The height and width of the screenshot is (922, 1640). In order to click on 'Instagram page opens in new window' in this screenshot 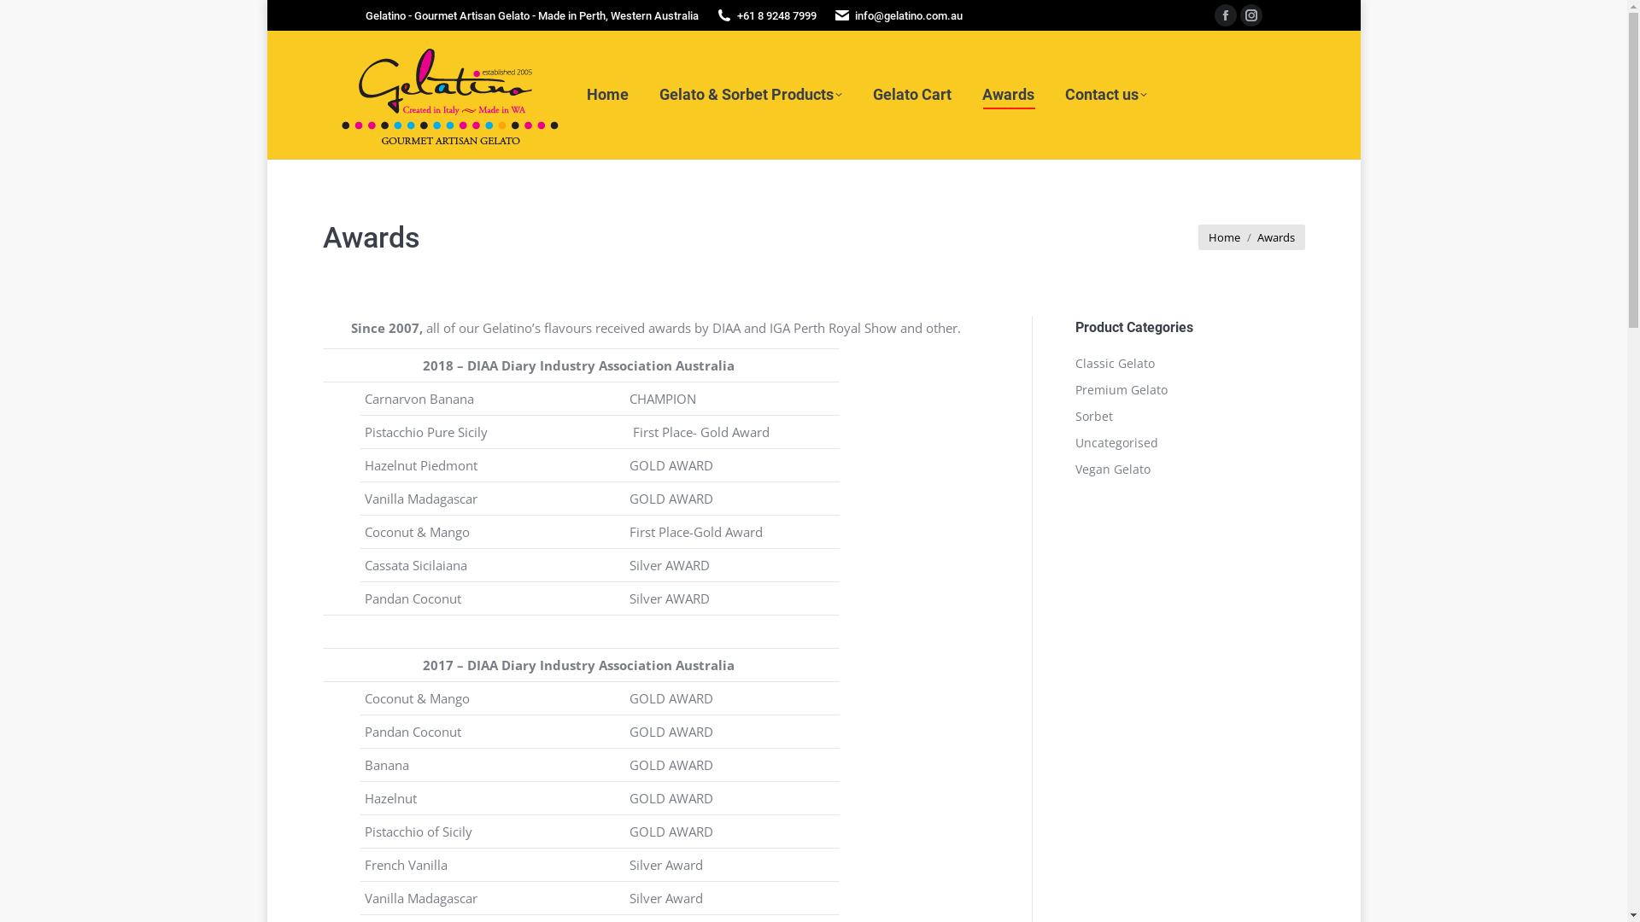, I will do `click(1250, 15)`.